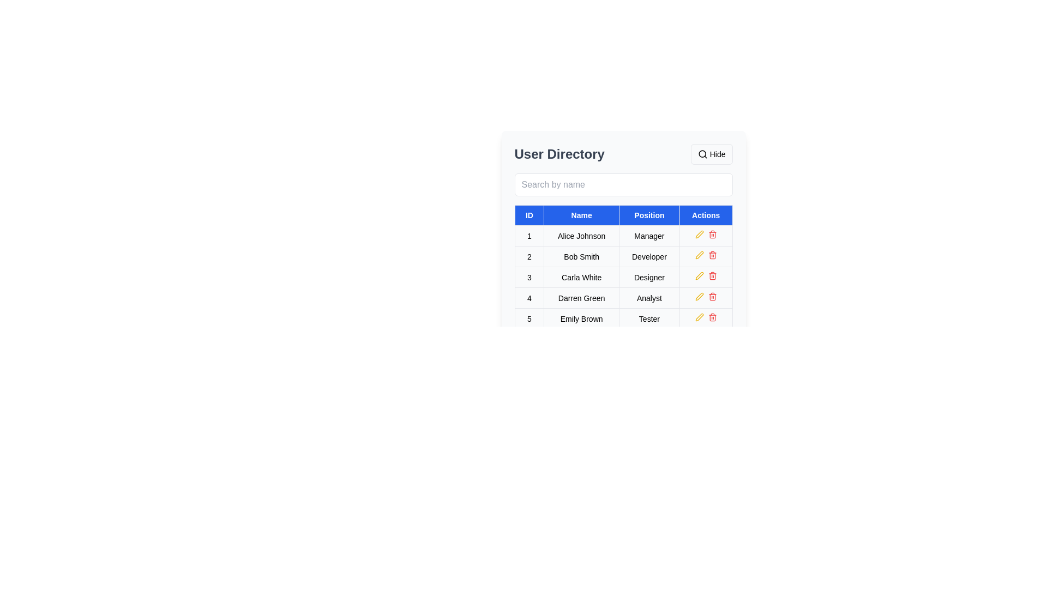 The width and height of the screenshot is (1047, 589). I want to click on the 'ID' table header cell, which serves as a label for the identification numbers in the user directory section, located at the top-left corner of the table header row, so click(529, 215).